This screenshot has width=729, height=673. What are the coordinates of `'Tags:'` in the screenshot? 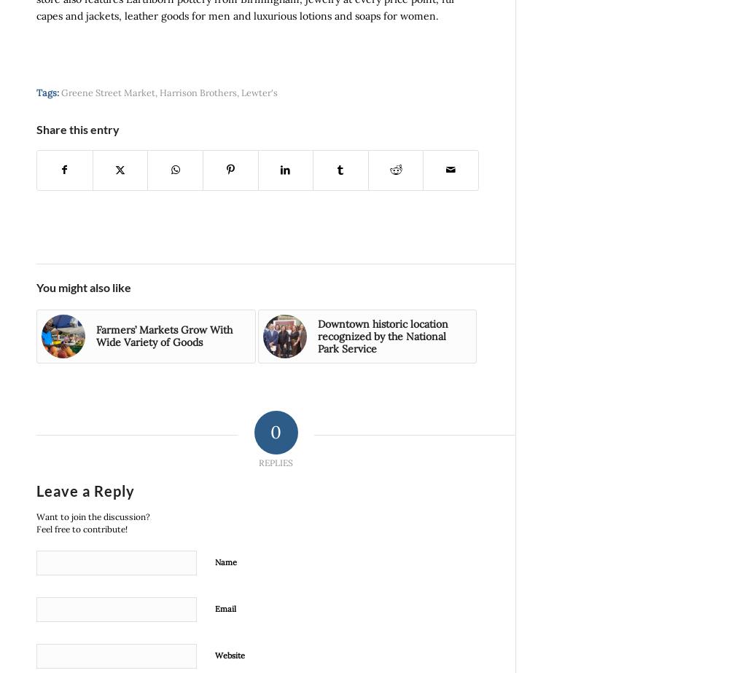 It's located at (47, 91).